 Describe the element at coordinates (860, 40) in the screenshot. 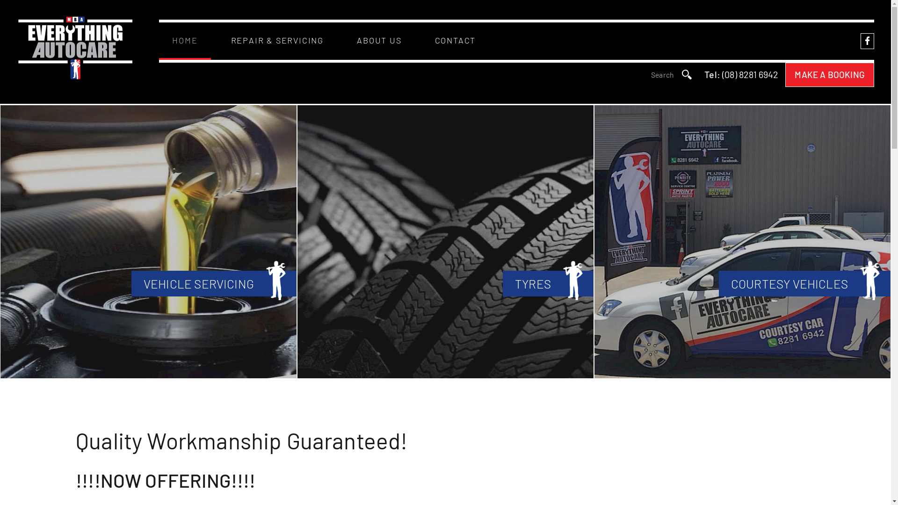

I see `'Everything Autocare on Facebook'` at that location.